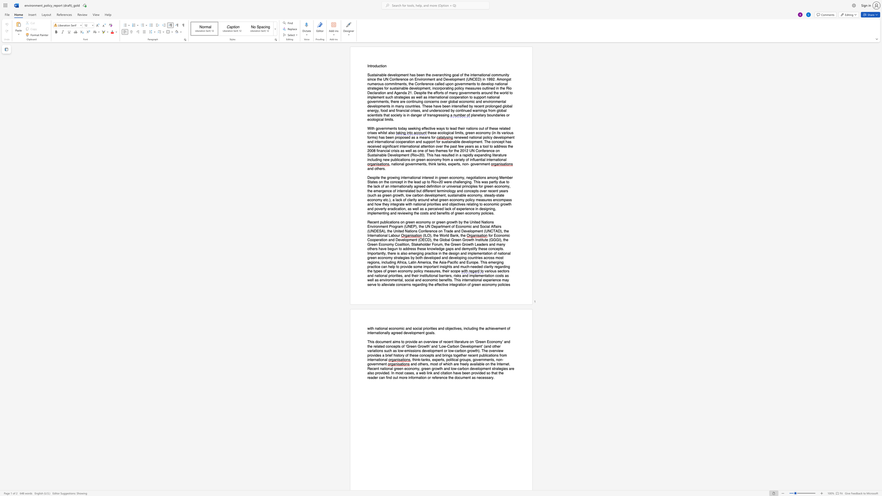 This screenshot has height=496, width=882. Describe the element at coordinates (426, 160) in the screenshot. I see `the subset text "economy from a variety of influential in" within the text "as well as one of two themes for the 2012 UN Conference on Sustainable Development (Rio+20). This has resulted in a rapidly expanding literature including new publications on green economy from a variety of influential international"` at that location.